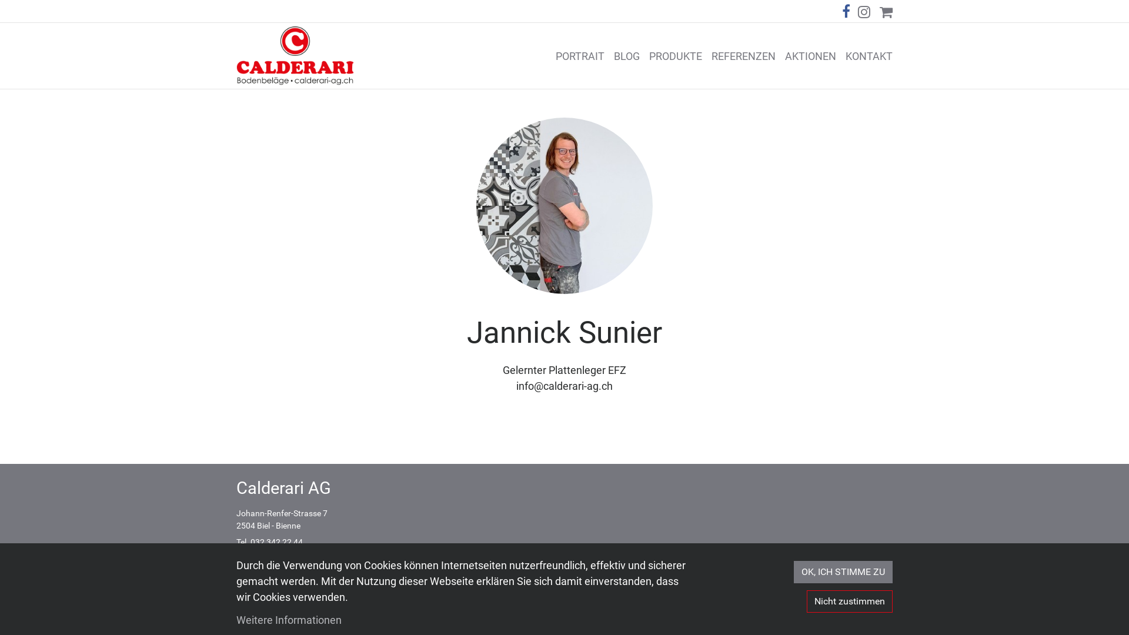  What do you see at coordinates (843, 571) in the screenshot?
I see `'OK, ICH STIMME ZU'` at bounding box center [843, 571].